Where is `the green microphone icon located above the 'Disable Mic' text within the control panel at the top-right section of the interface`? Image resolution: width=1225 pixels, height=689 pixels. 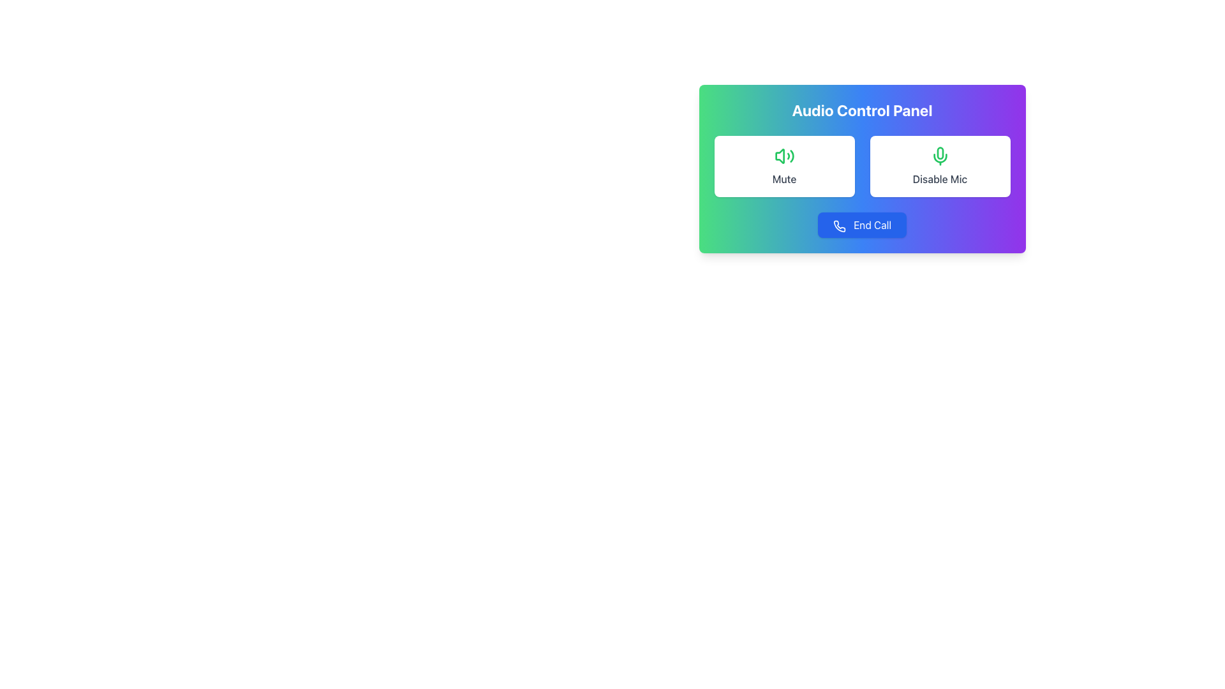 the green microphone icon located above the 'Disable Mic' text within the control panel at the top-right section of the interface is located at coordinates (940, 156).